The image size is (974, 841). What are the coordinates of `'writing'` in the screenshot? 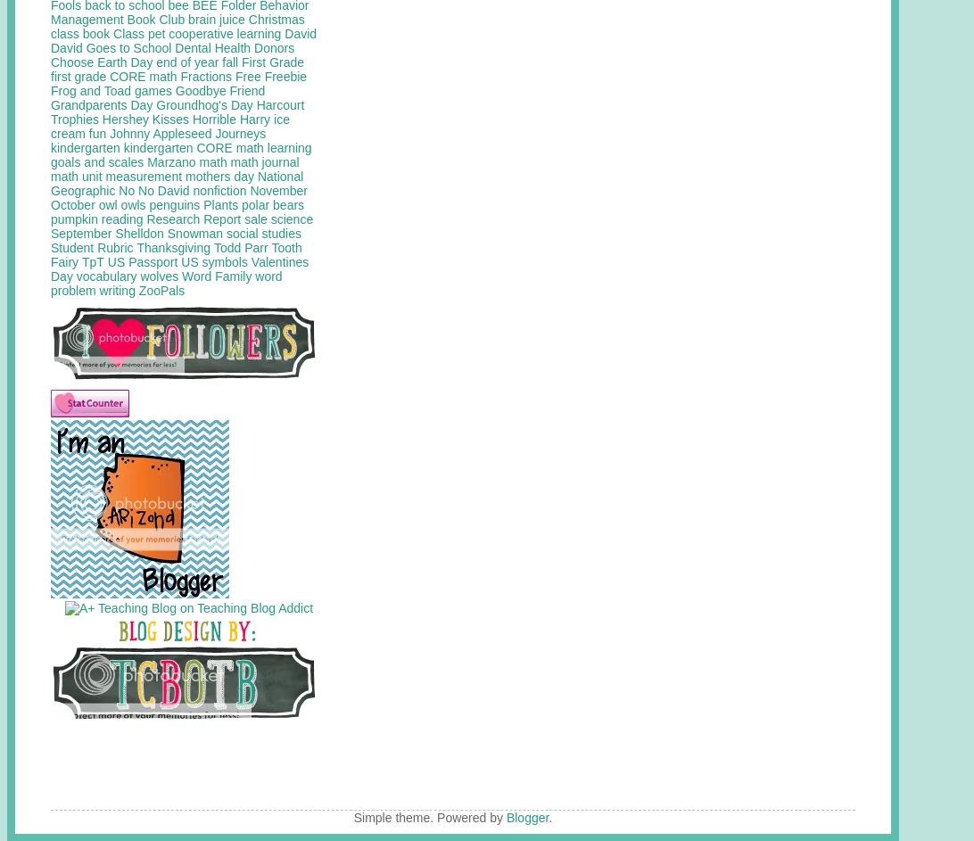 It's located at (117, 289).